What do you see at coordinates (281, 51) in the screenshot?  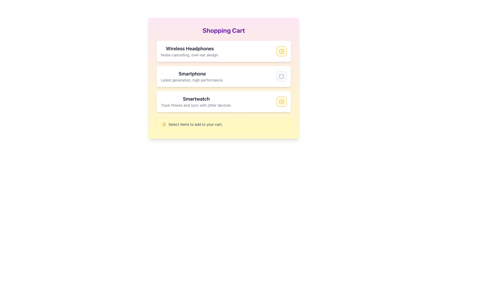 I see `the square-shaped checkbox with a yellow border and a light yellow background located in the top-right corner of the 'Wireless Headphones' card` at bounding box center [281, 51].